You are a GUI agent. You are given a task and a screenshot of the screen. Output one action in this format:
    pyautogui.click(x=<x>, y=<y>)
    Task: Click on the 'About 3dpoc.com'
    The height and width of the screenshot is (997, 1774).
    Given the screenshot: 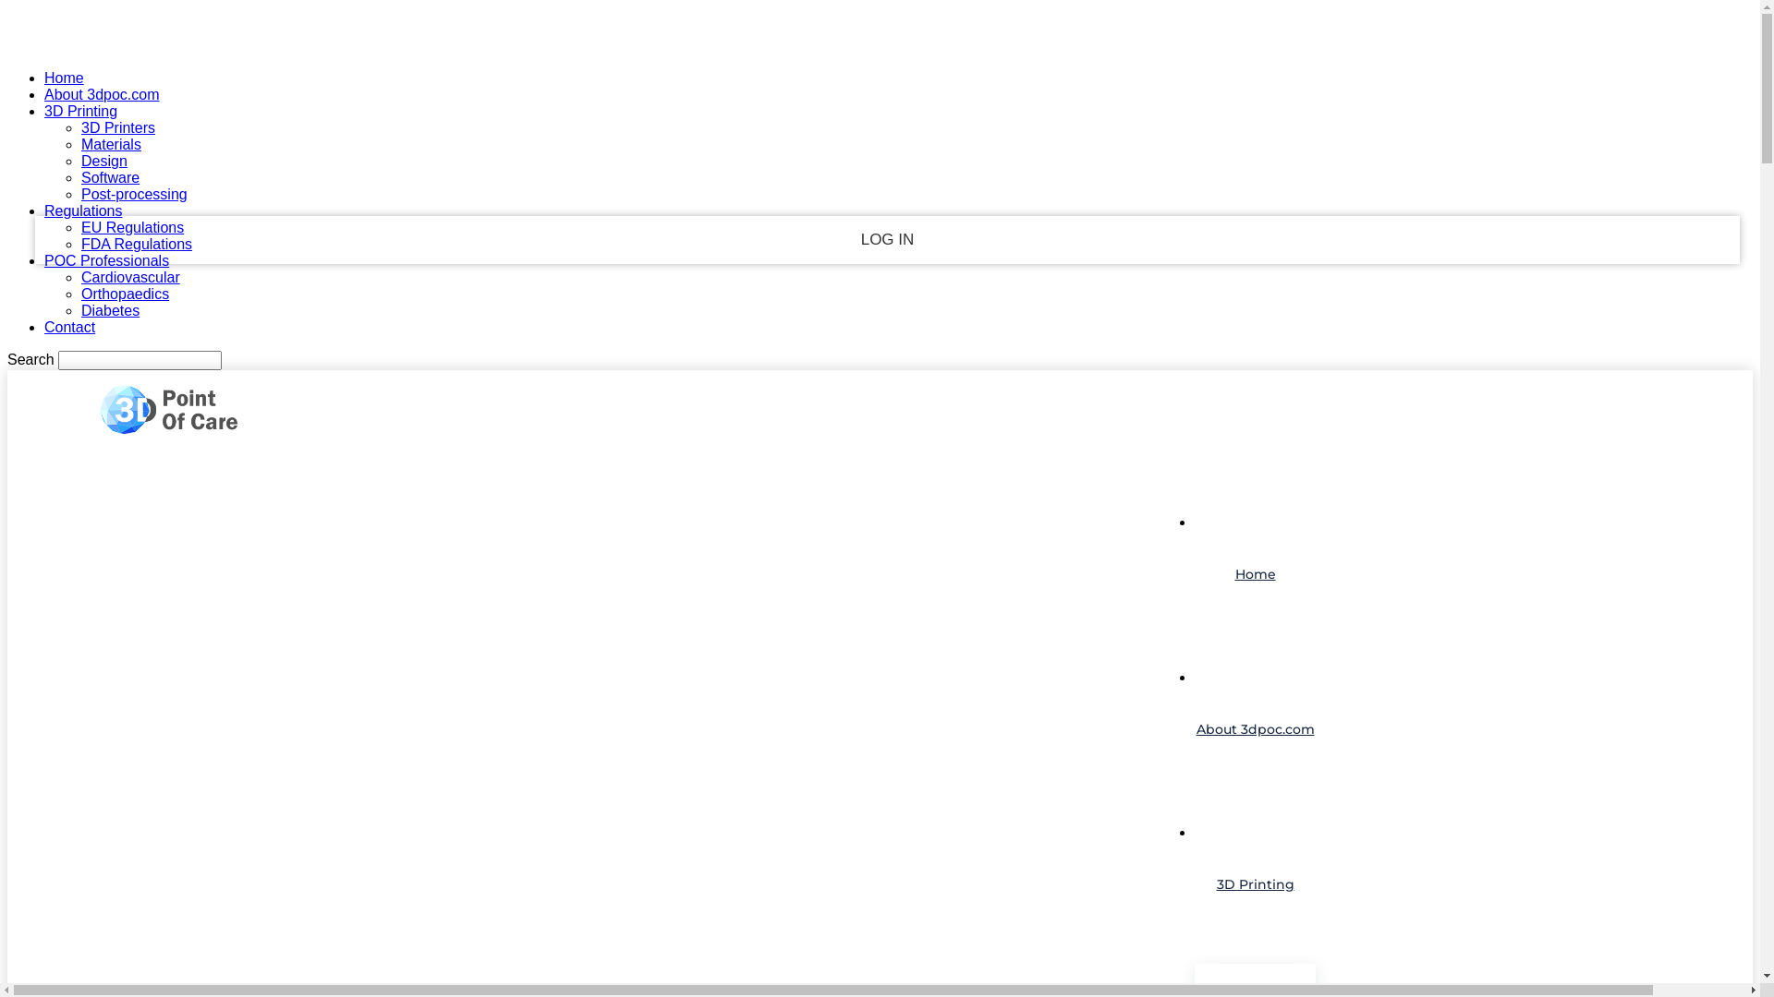 What is the action you would take?
    pyautogui.click(x=101, y=94)
    